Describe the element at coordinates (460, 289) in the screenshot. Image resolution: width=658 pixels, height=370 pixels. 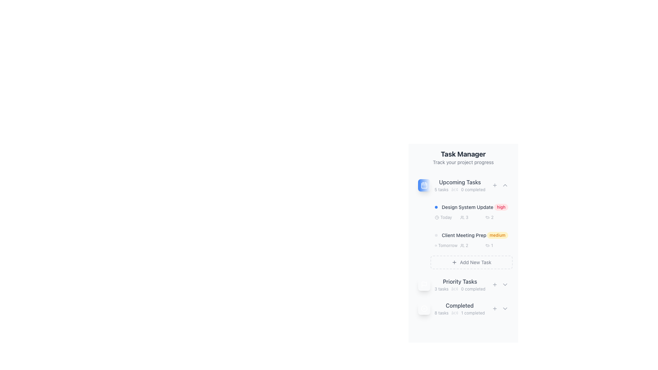
I see `the Text Label that displays the total number of tasks and their completion status, located below the 'Priority Tasks' heading` at that location.